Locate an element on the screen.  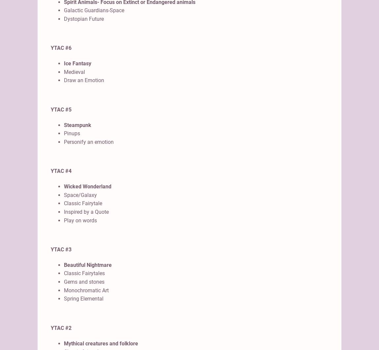
'Galactic Guardians-Space' is located at coordinates (64, 10).